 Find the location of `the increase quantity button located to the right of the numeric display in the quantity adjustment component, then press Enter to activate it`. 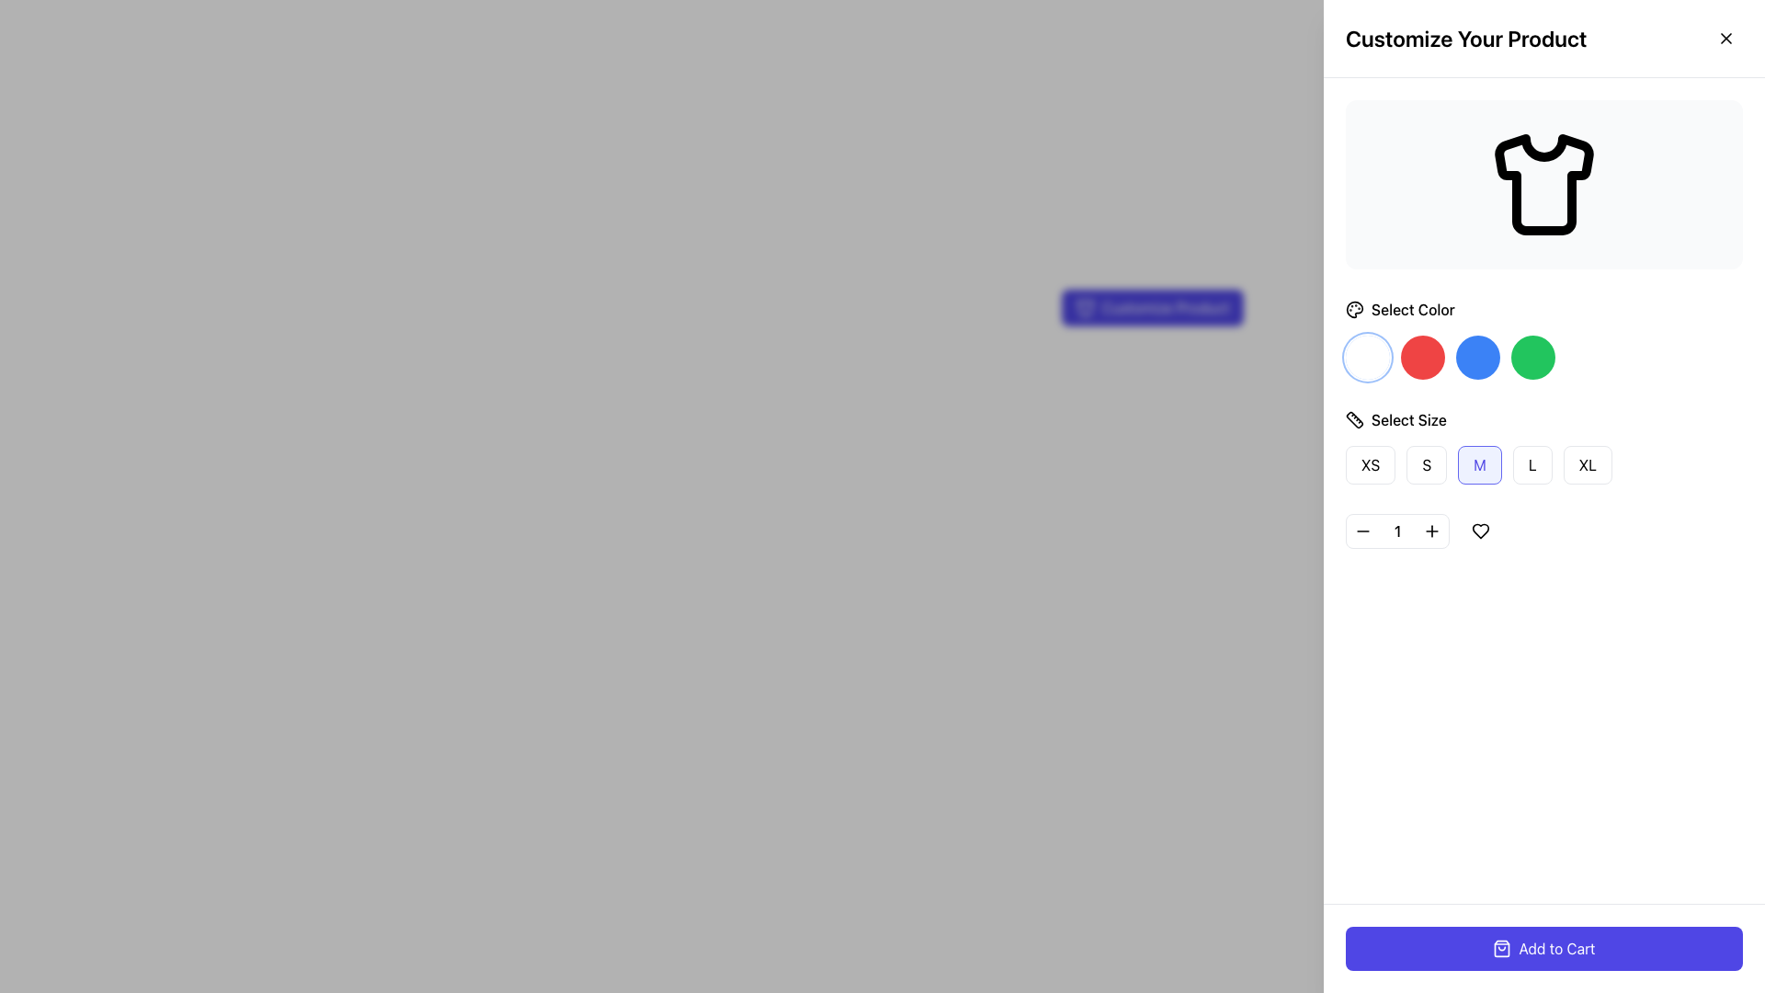

the increase quantity button located to the right of the numeric display in the quantity adjustment component, then press Enter to activate it is located at coordinates (1431, 531).